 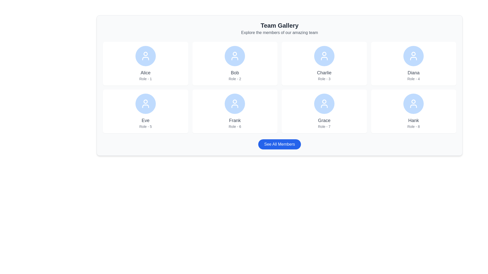 I want to click on the label displaying 'Role - 3' which is part of the card for 'Charlie', located in the top row, third column of the grid layout, so click(x=324, y=79).